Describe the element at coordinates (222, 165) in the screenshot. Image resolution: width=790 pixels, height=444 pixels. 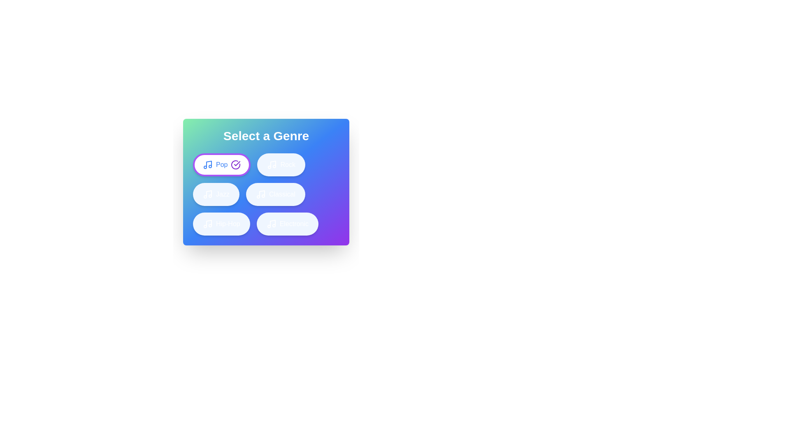
I see `the 'Pop' genre selection button, which is the first button in the grid with a purple border and white background` at that location.